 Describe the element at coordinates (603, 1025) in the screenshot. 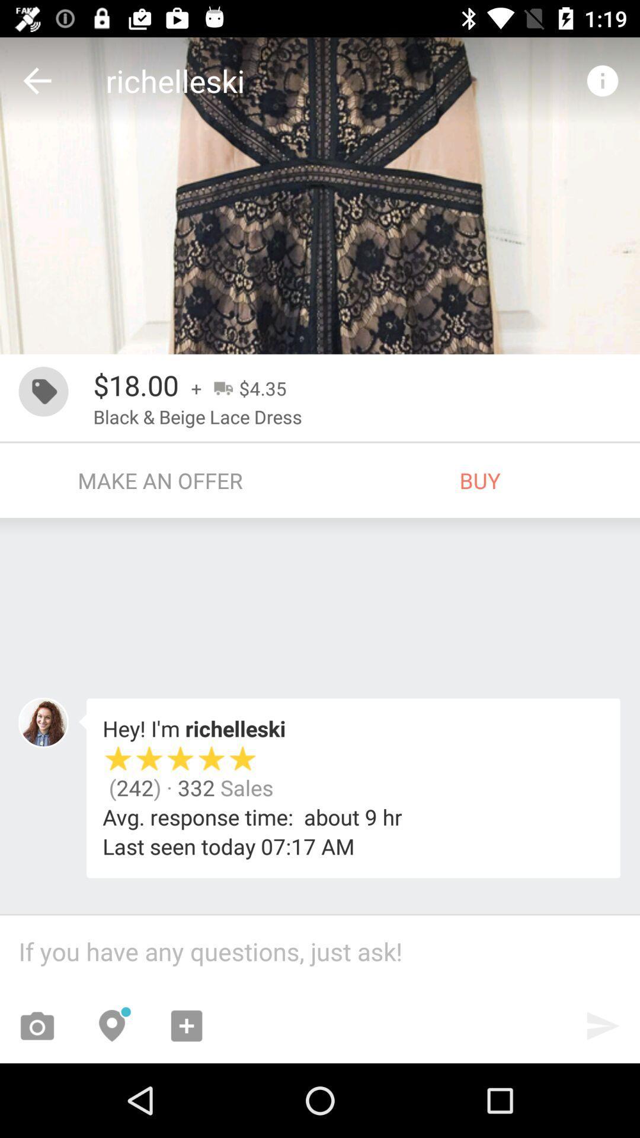

I see `the send icon` at that location.